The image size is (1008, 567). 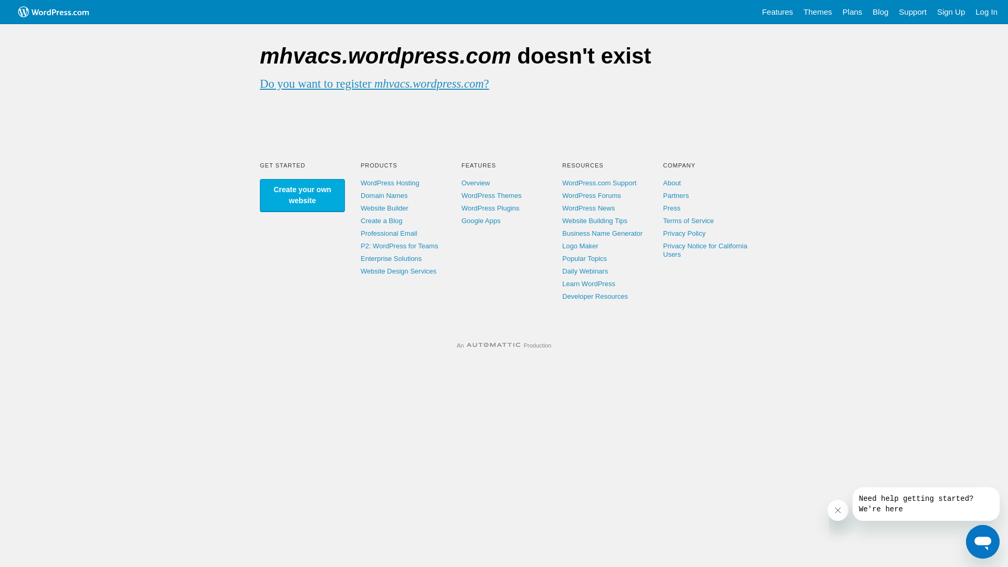 What do you see at coordinates (360, 270) in the screenshot?
I see `'Website Design Services'` at bounding box center [360, 270].